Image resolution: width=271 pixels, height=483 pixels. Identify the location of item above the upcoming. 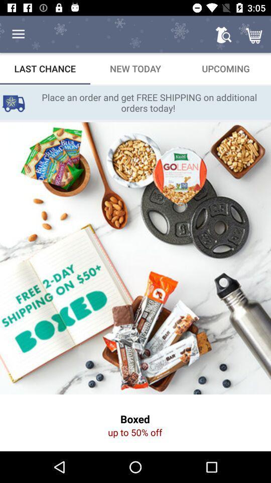
(255, 34).